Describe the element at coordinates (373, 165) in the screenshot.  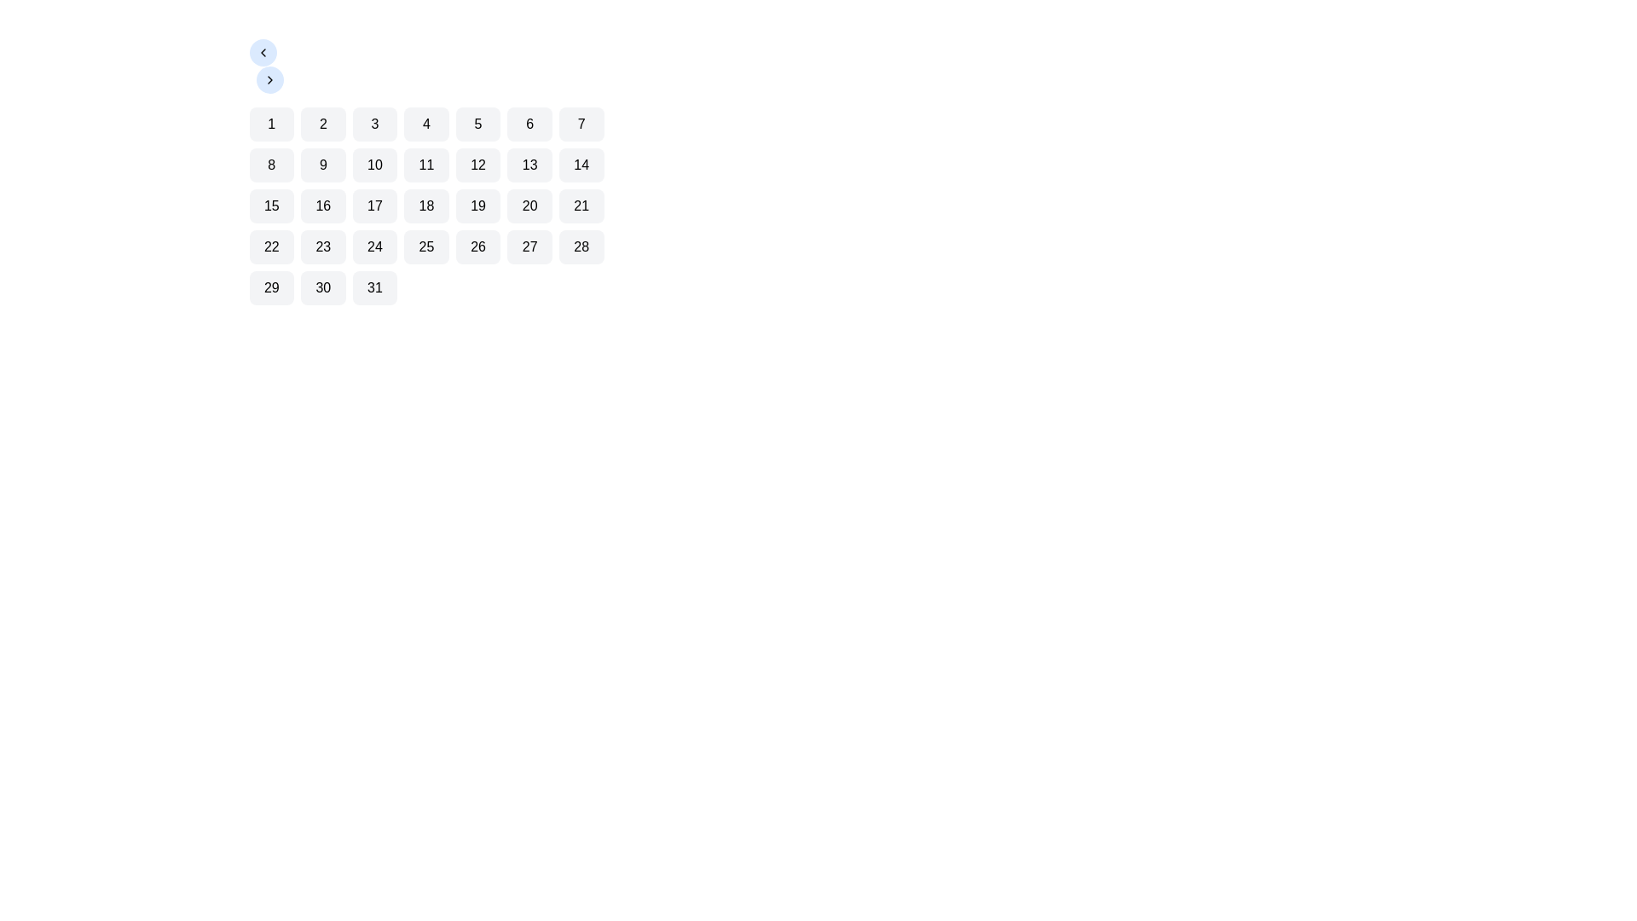
I see `the button with the number '10' displayed in bold text, located in the second row and third column of the grid layout` at that location.